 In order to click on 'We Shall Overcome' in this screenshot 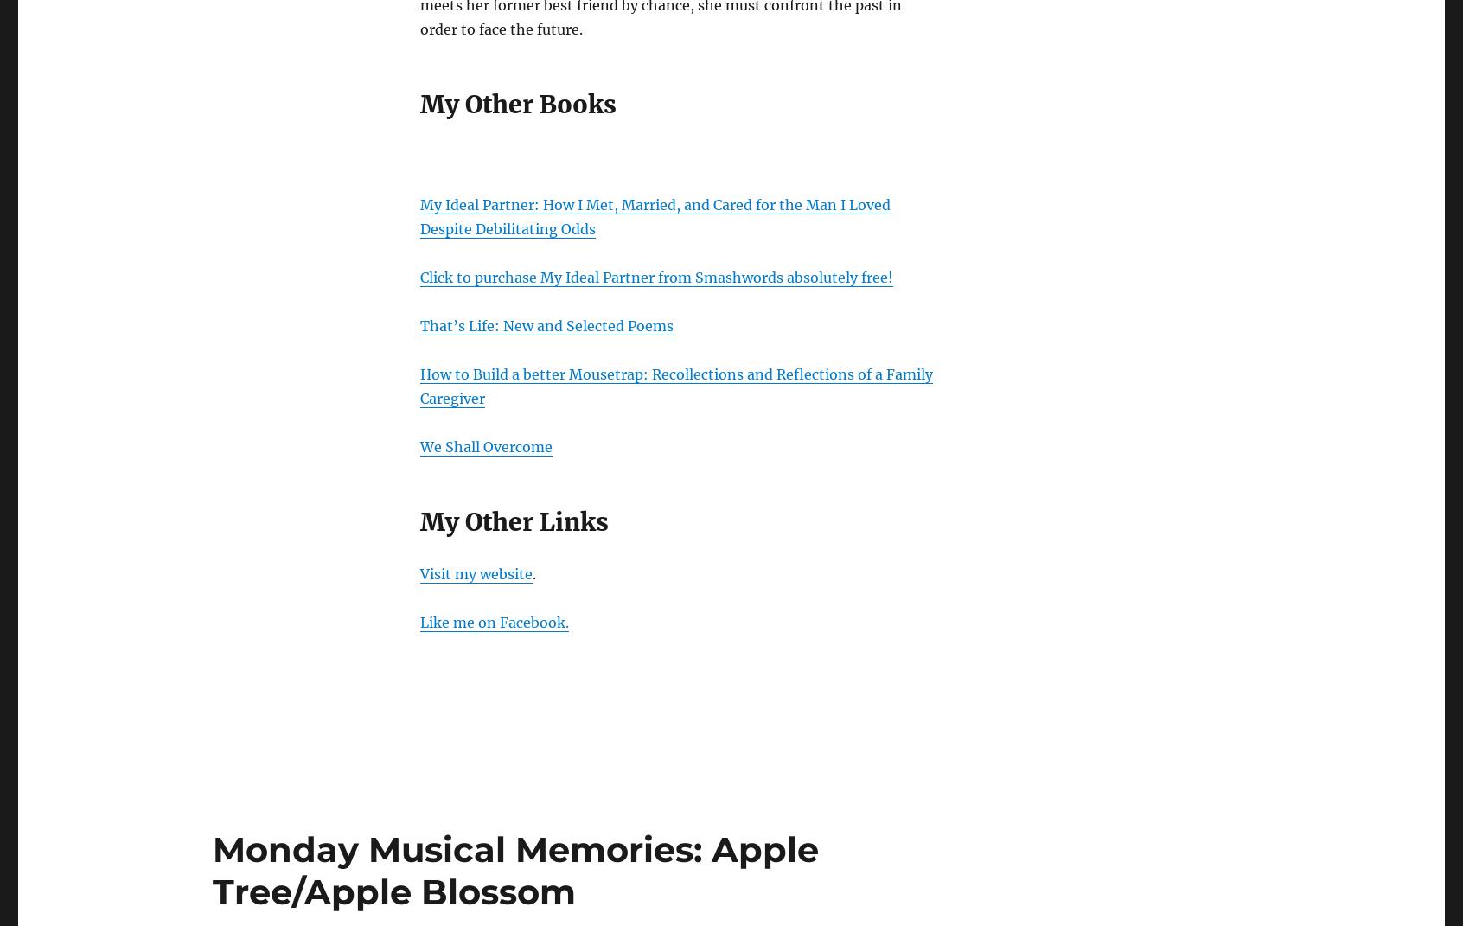, I will do `click(486, 445)`.